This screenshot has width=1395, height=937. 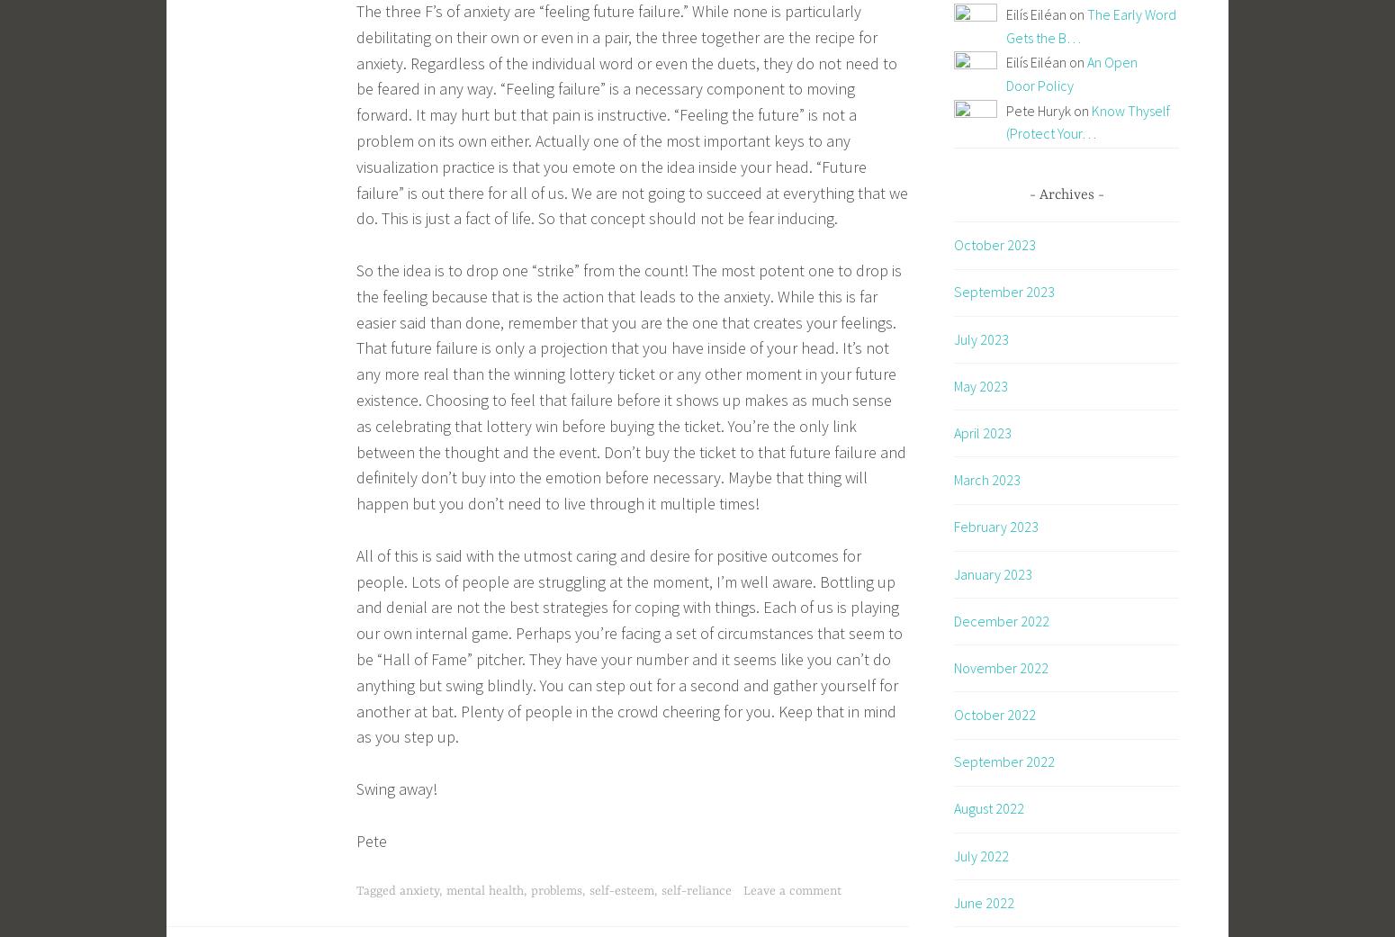 What do you see at coordinates (372, 839) in the screenshot?
I see `'Pete'` at bounding box center [372, 839].